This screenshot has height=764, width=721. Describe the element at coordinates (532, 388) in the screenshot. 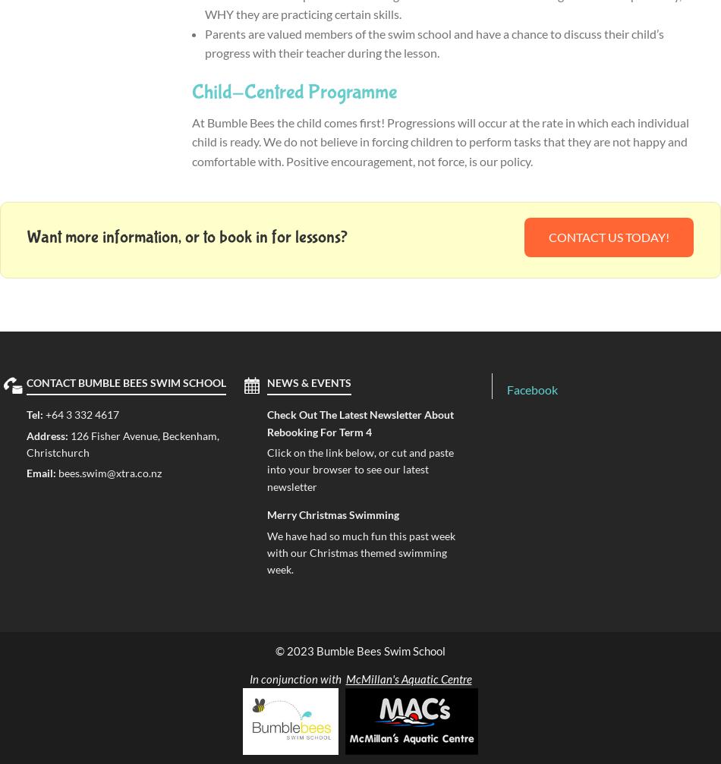

I see `'Facebook'` at that location.